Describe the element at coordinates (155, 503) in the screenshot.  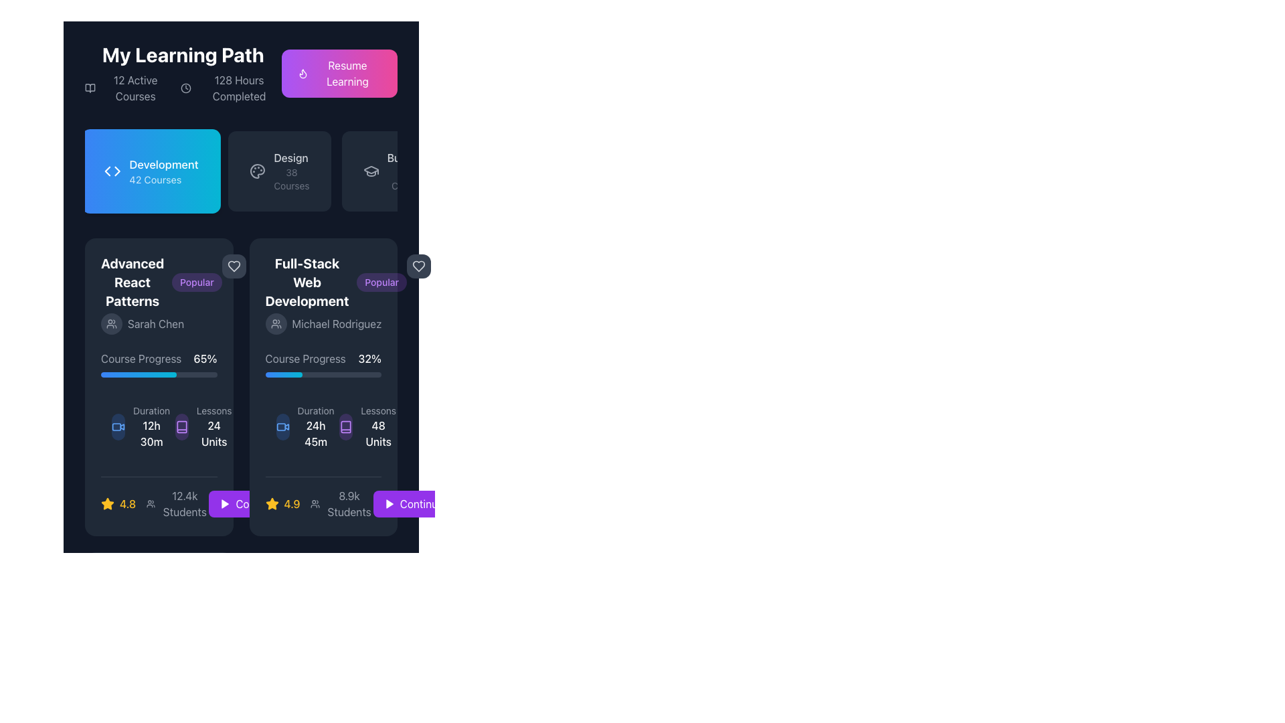
I see `rating of '4.8' and student count '12.4k Students' from the composite informational display located at the bottom left of the 'Advanced React Patterns' card` at that location.